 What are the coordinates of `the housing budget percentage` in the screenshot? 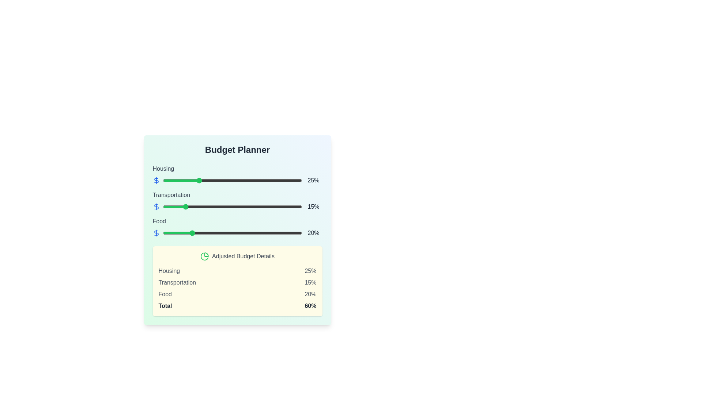 It's located at (238, 180).